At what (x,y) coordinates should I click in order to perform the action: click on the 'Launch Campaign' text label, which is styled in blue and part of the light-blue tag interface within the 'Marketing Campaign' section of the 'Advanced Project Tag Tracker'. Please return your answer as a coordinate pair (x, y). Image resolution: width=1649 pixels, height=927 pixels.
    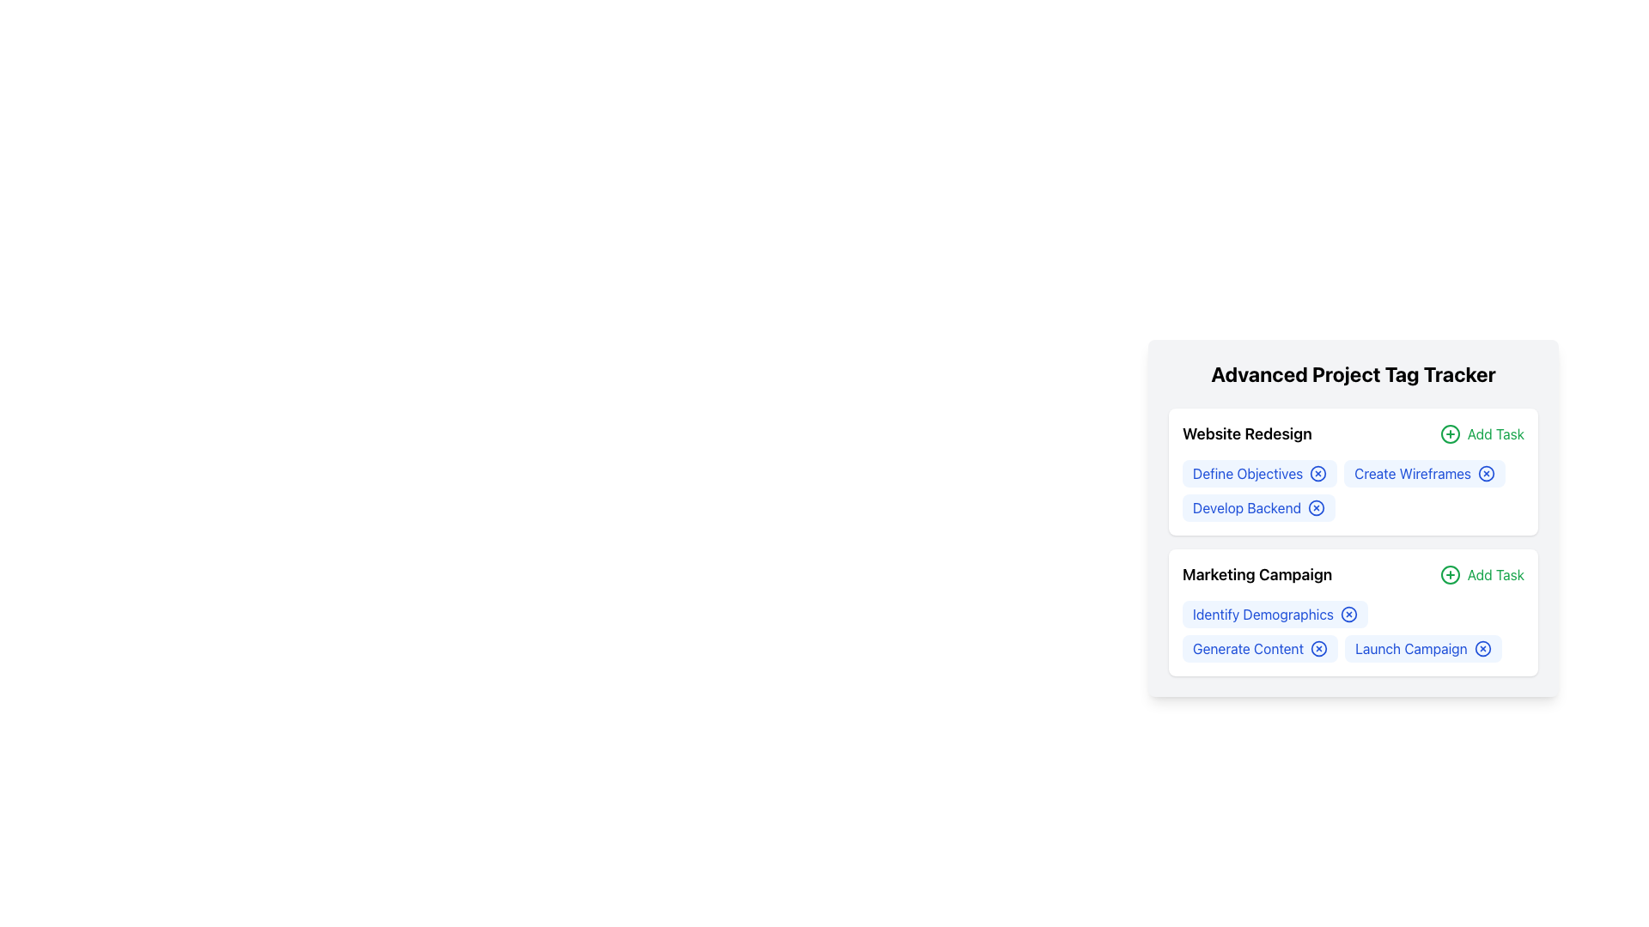
    Looking at the image, I should click on (1411, 649).